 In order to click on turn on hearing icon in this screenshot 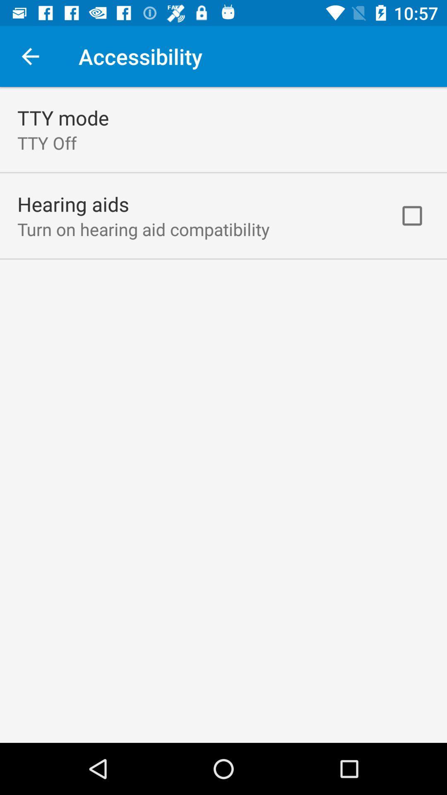, I will do `click(143, 229)`.